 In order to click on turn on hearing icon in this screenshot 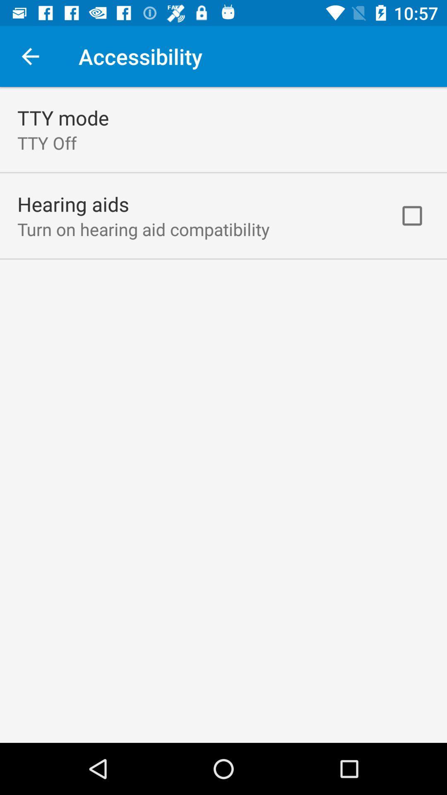, I will do `click(143, 229)`.